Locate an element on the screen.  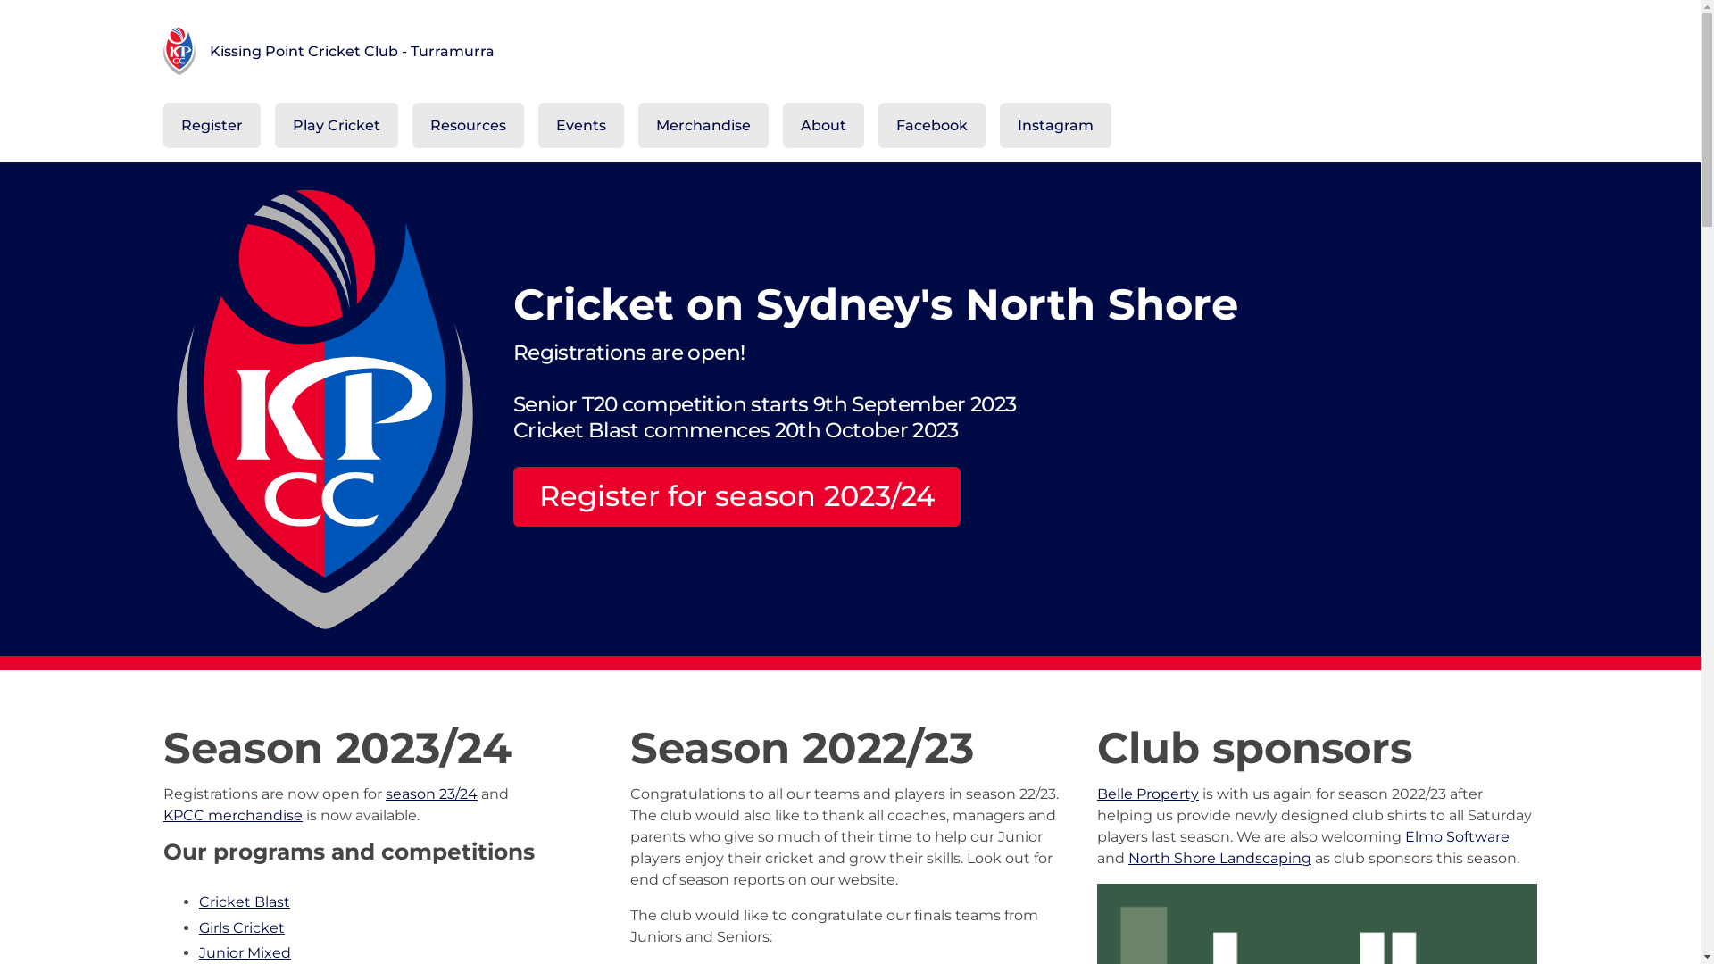
'Belle Property' is located at coordinates (1148, 793).